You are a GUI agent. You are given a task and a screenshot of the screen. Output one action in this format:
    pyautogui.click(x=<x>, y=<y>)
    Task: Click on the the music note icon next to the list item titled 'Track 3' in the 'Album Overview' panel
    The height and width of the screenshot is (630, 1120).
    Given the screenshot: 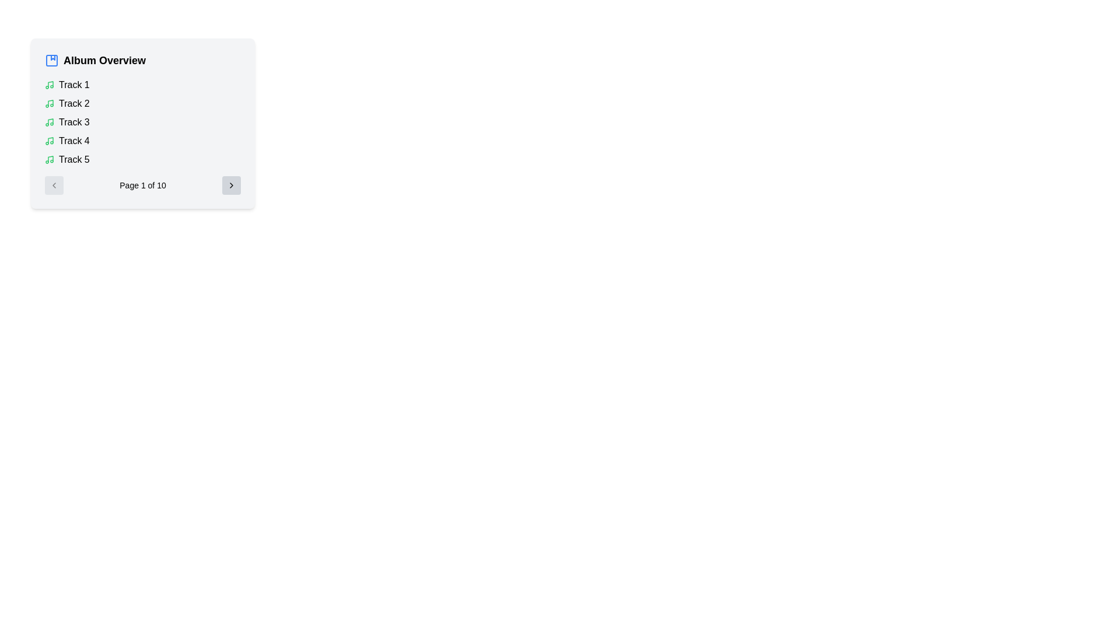 What is the action you would take?
    pyautogui.click(x=49, y=122)
    